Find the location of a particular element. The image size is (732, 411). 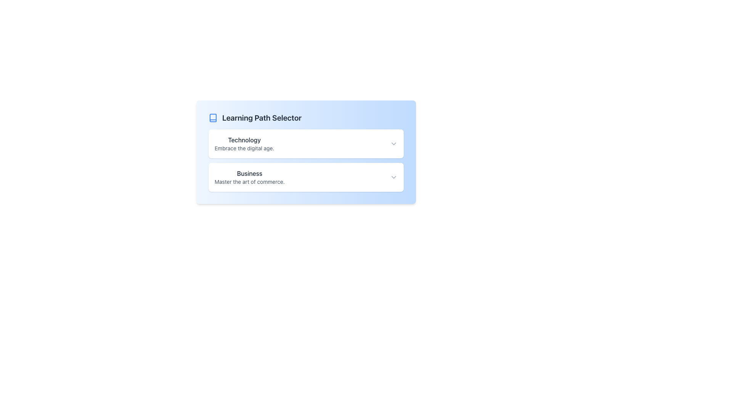

the icon located on the right side of the 'Technology' header is located at coordinates (393, 144).